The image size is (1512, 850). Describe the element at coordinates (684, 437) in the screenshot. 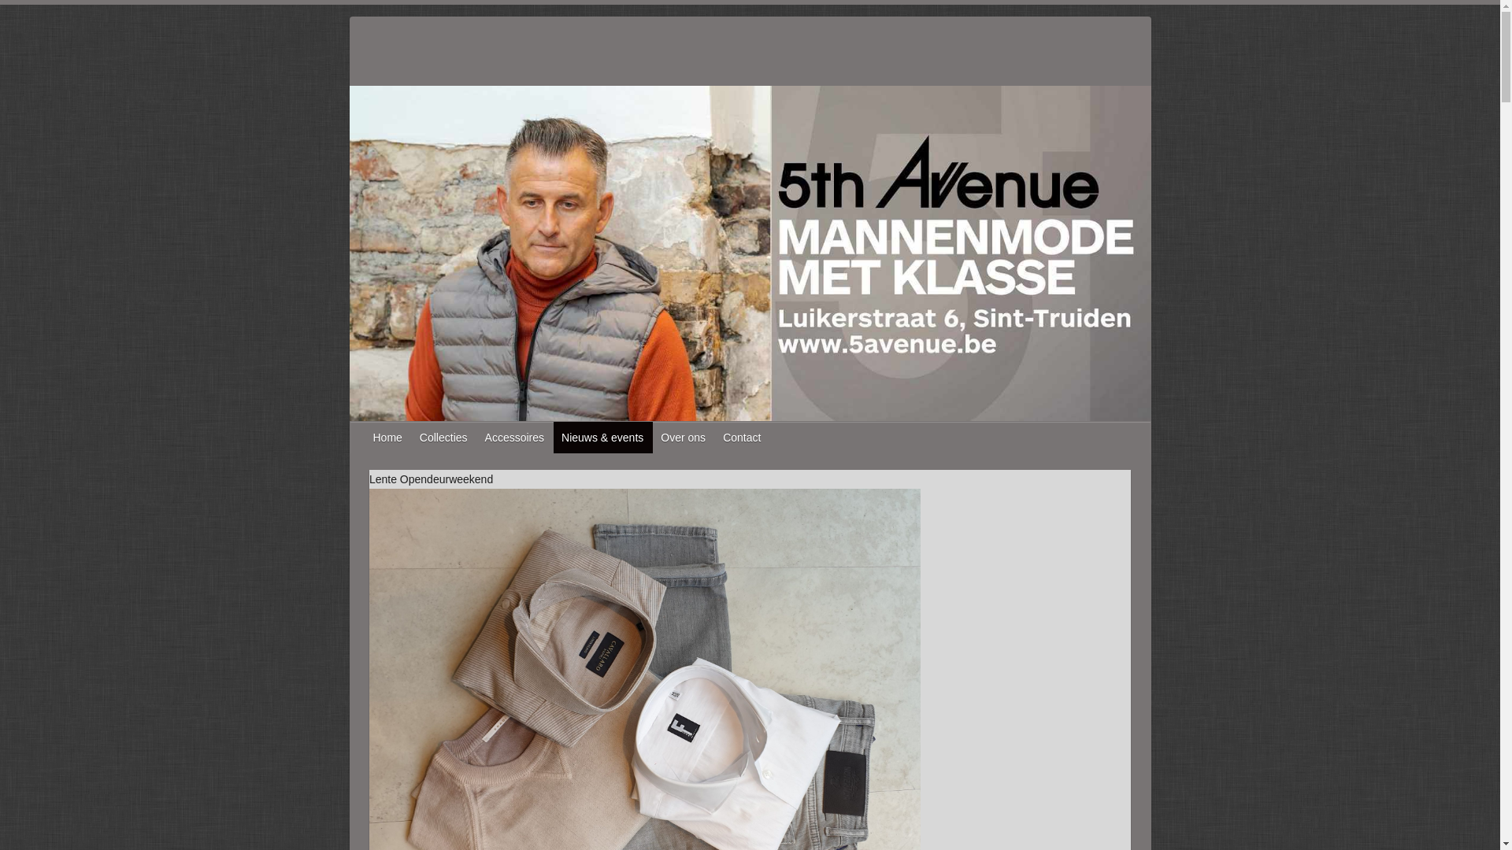

I see `'Over ons'` at that location.